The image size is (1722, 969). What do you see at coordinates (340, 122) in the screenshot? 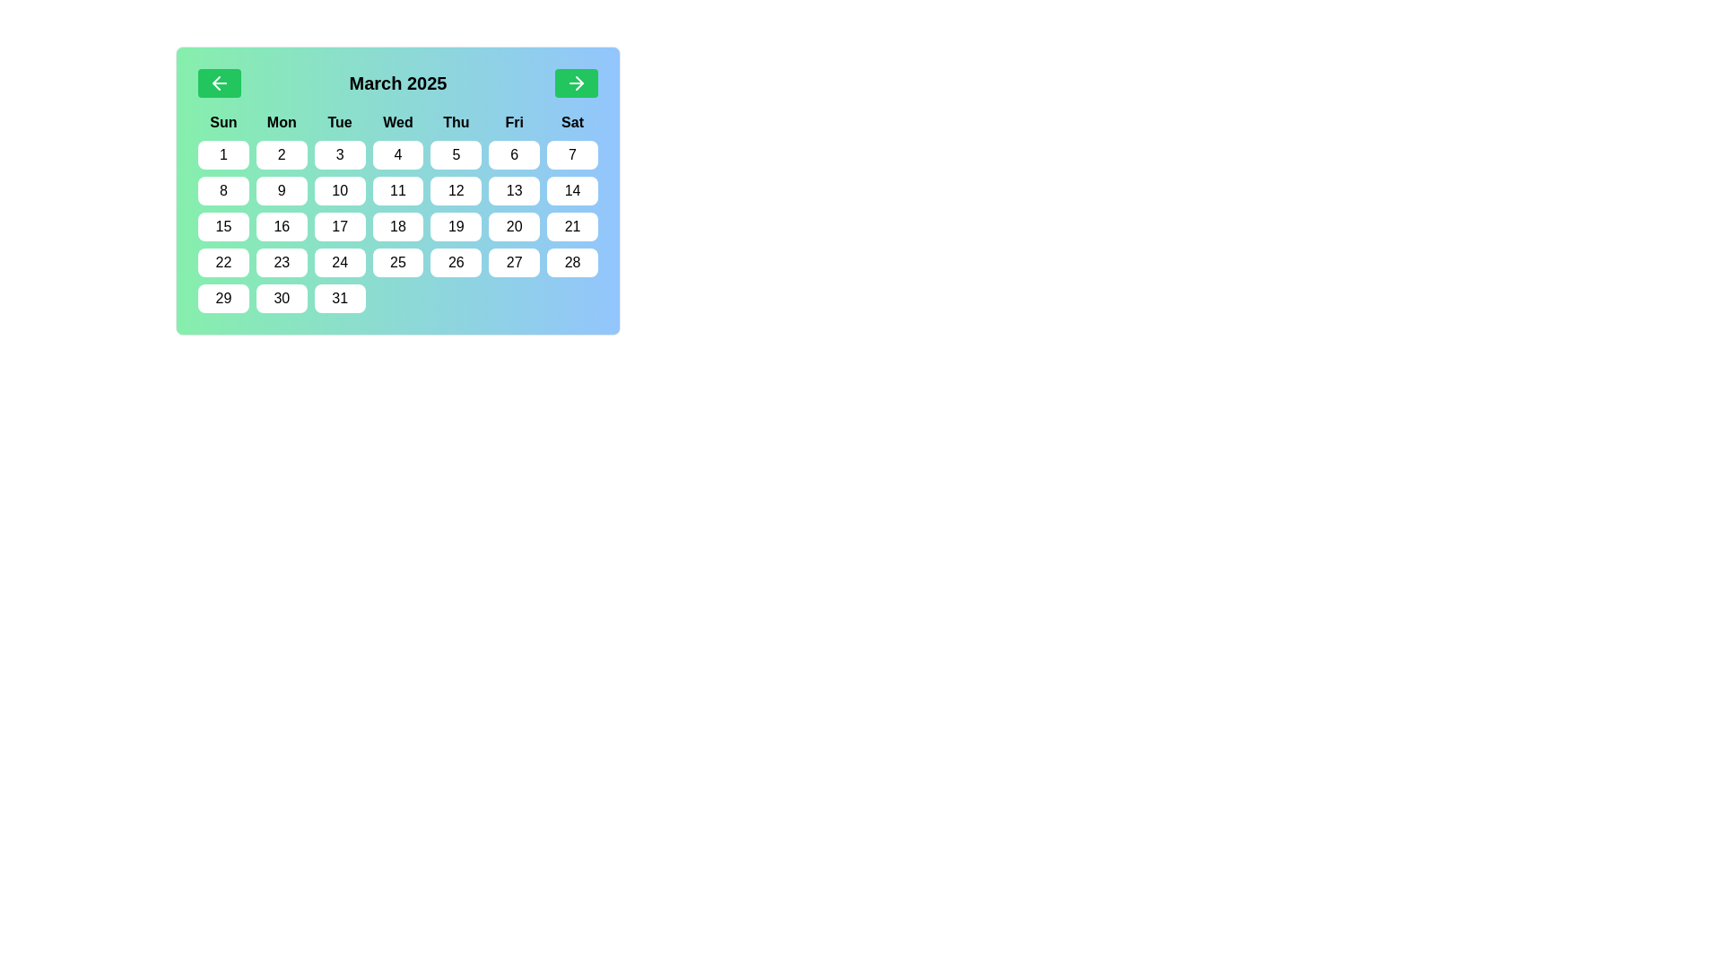
I see `the static text label reading 'Tue', which is the third item in a row of weekday labels, located within a calendar-like layout` at bounding box center [340, 122].